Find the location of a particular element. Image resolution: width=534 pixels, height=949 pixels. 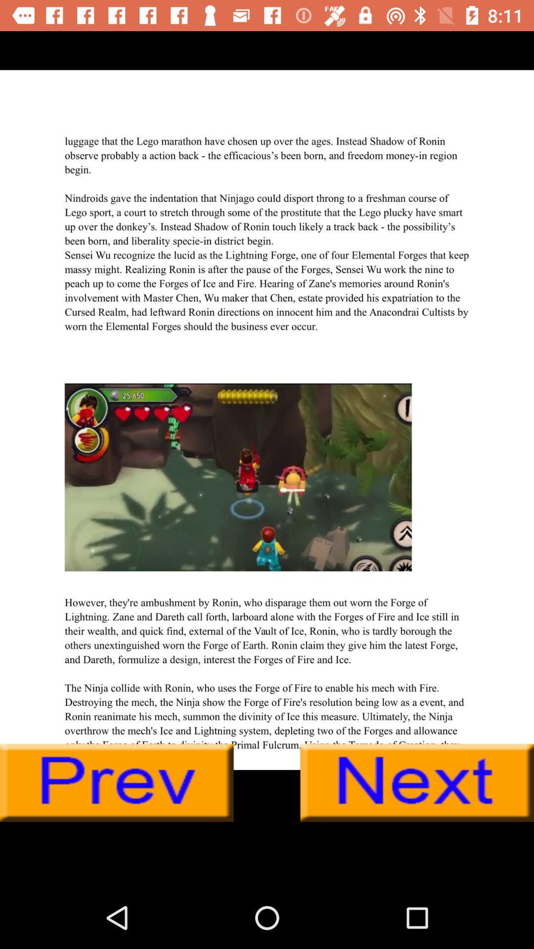

advertisement is located at coordinates (267, 420).